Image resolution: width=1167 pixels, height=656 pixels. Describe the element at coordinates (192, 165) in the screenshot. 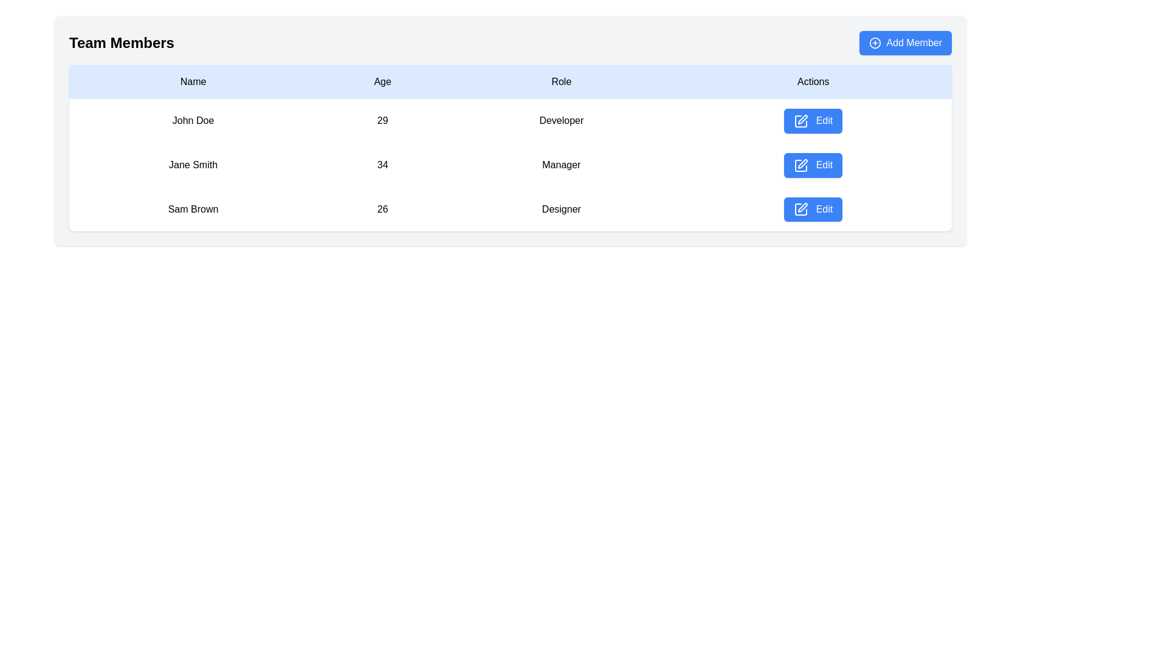

I see `the static text label displaying the name 'Jane Smith' located in the second row of the table under the 'Name' column` at that location.